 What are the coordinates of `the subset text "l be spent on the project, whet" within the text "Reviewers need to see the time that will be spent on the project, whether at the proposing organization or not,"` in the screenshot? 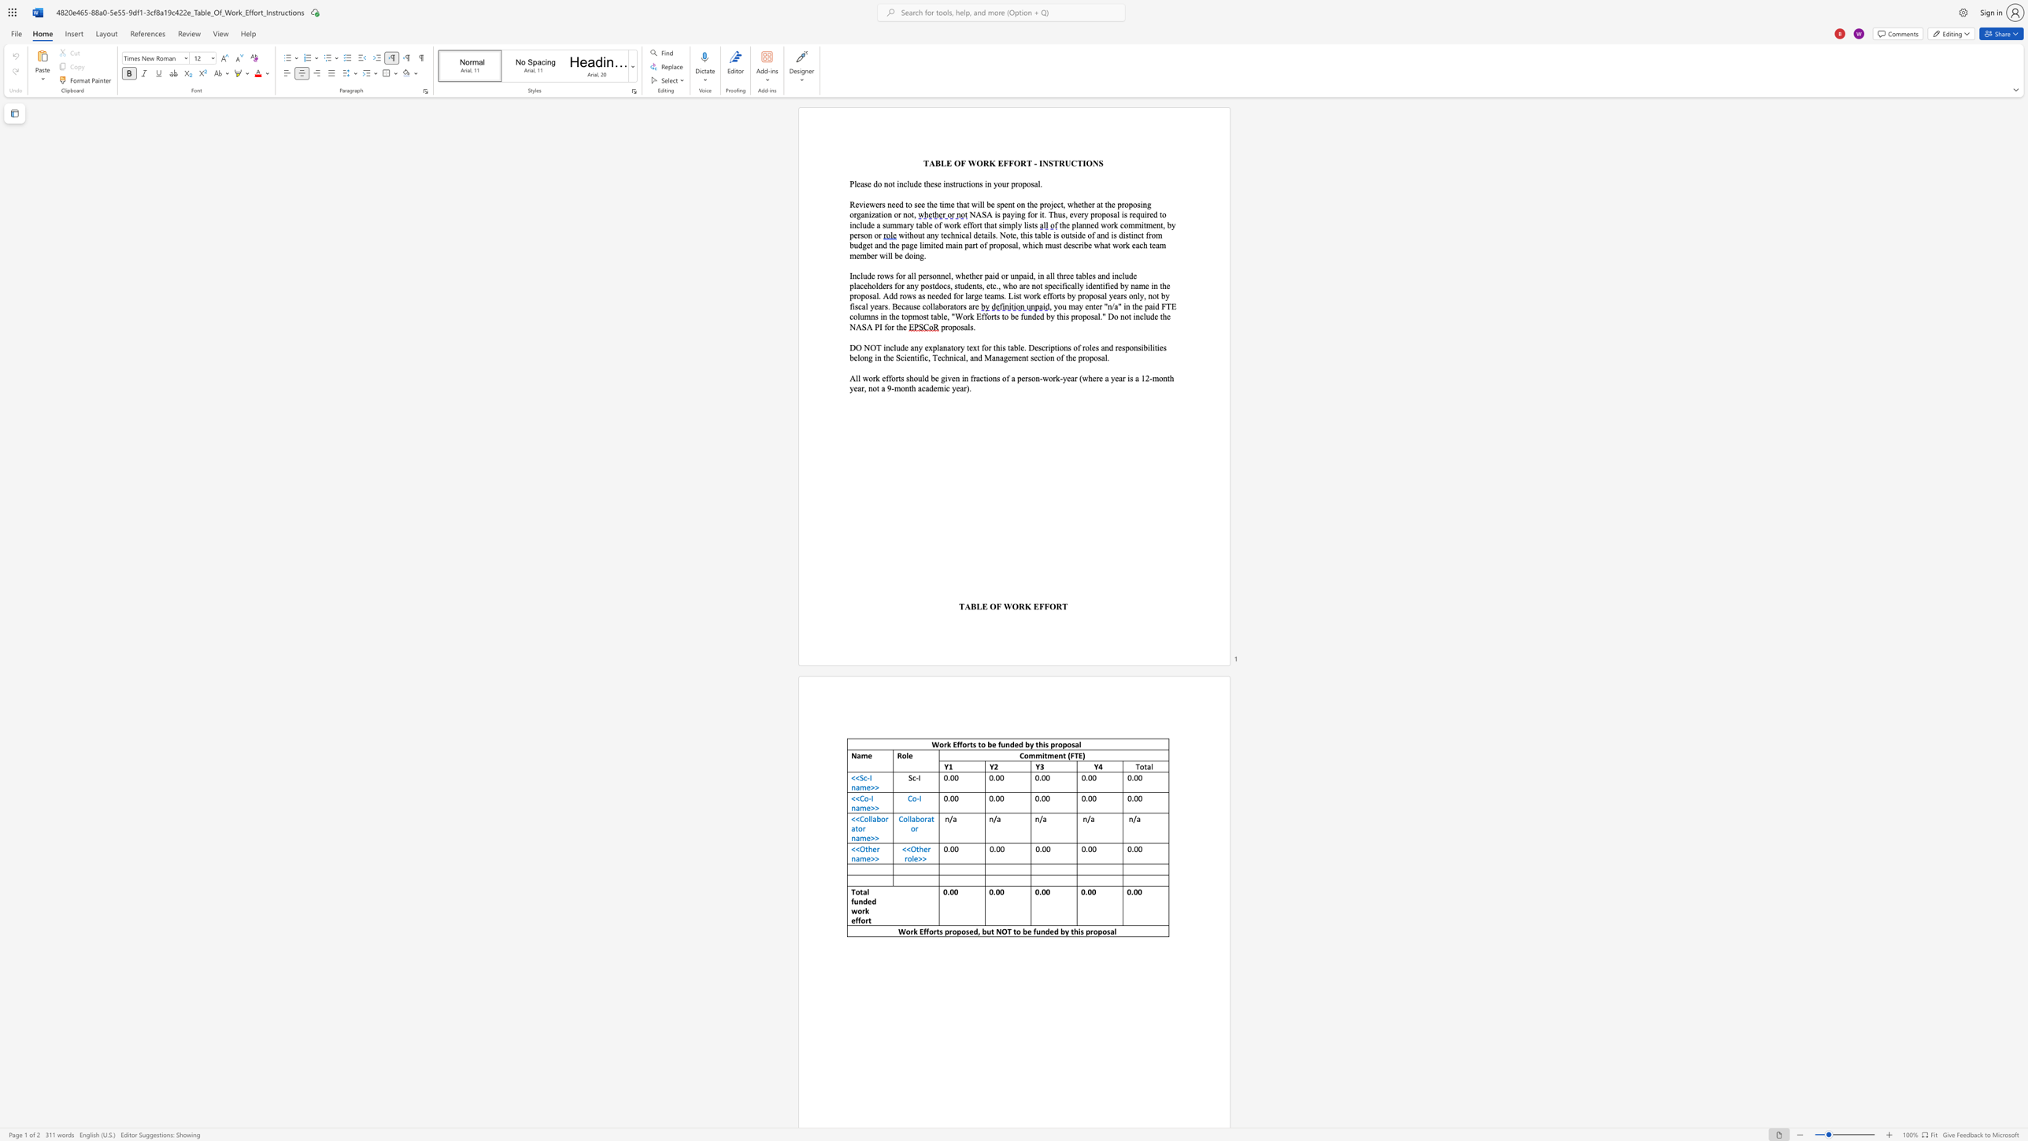 It's located at (981, 204).